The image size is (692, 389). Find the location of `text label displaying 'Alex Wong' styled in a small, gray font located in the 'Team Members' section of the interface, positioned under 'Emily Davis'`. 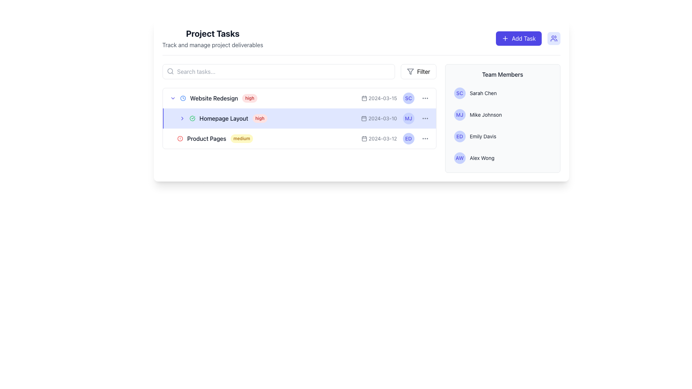

text label displaying 'Alex Wong' styled in a small, gray font located in the 'Team Members' section of the interface, positioned under 'Emily Davis' is located at coordinates (482, 158).